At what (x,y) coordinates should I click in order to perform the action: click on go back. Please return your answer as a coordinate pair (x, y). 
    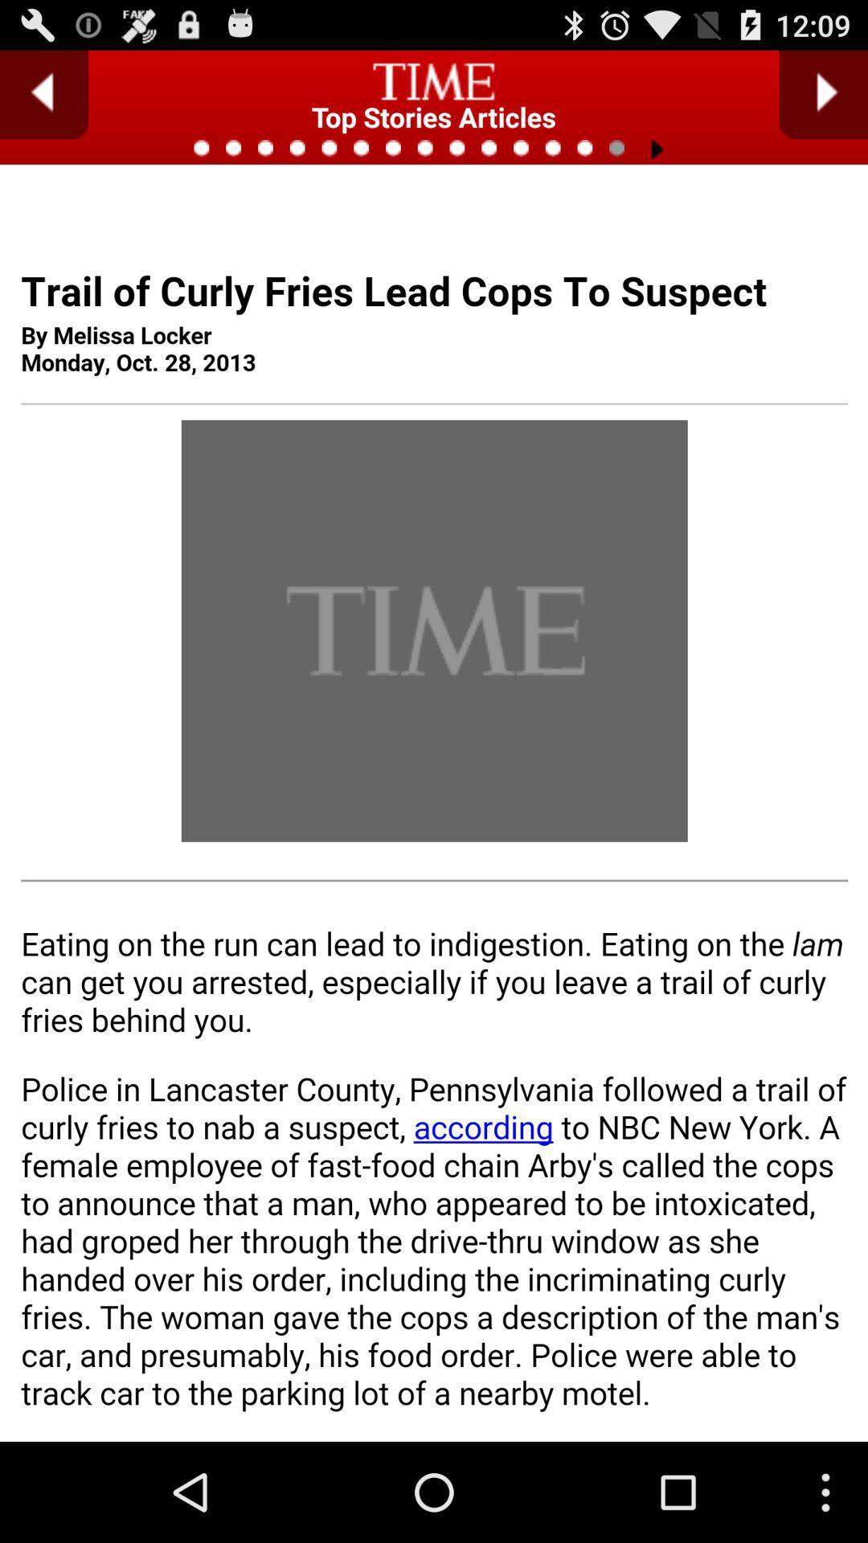
    Looking at the image, I should click on (43, 94).